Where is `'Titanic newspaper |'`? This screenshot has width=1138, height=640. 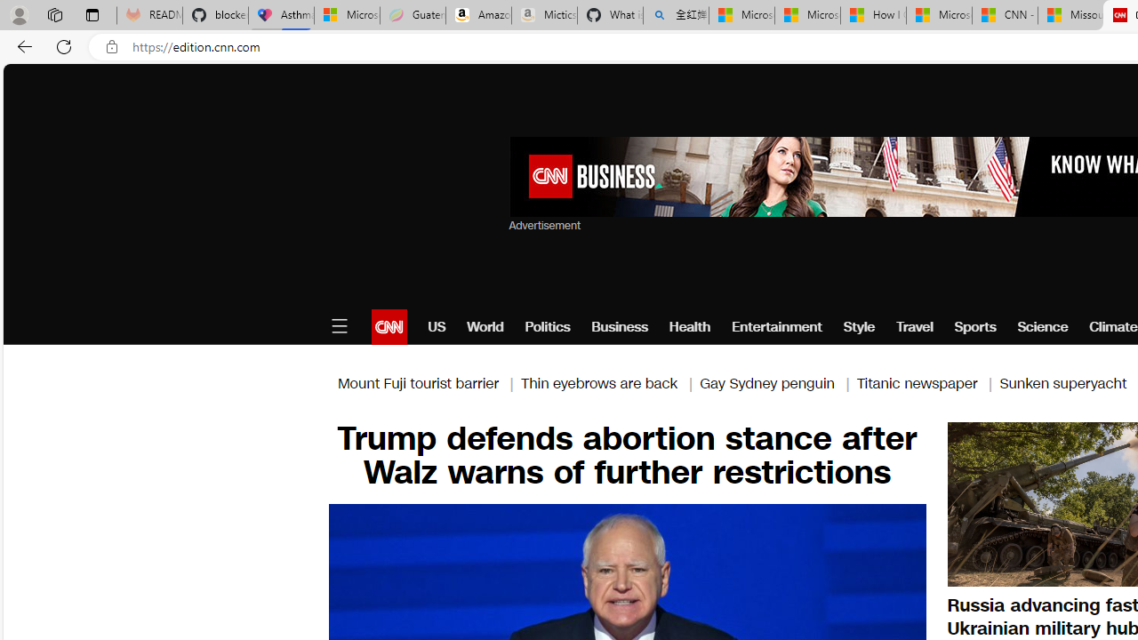 'Titanic newspaper |' is located at coordinates (926, 382).